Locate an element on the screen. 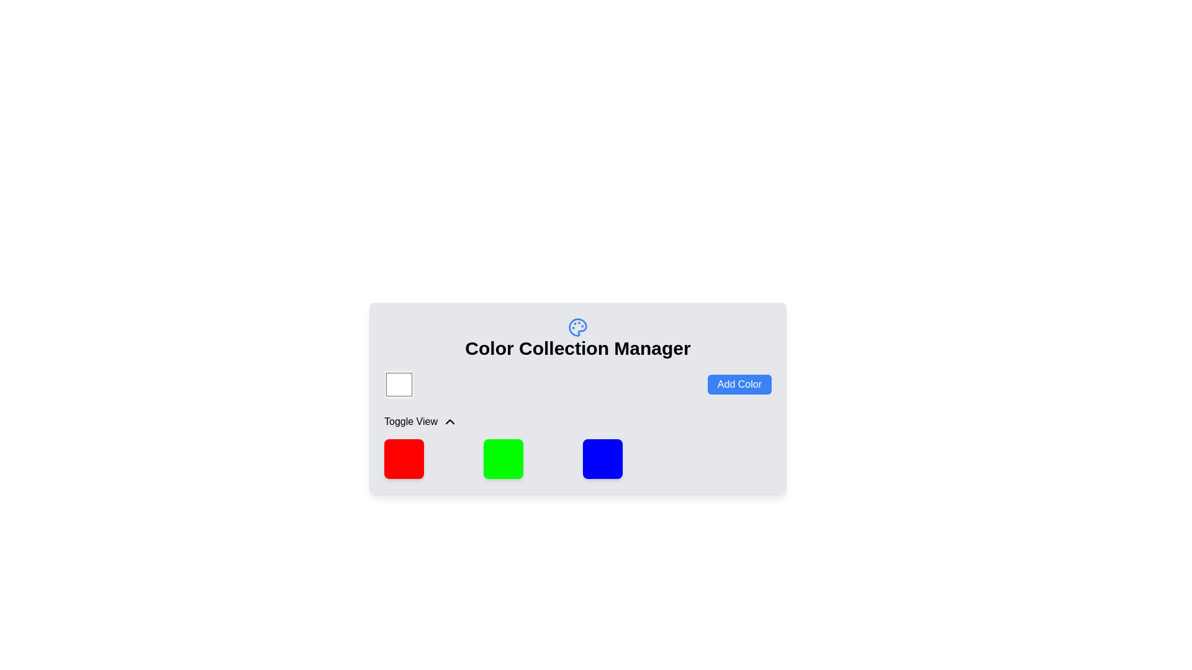 Image resolution: width=1192 pixels, height=670 pixels. on the blue color selection tile, which is the third tile in the color palette grid is located at coordinates (602, 459).